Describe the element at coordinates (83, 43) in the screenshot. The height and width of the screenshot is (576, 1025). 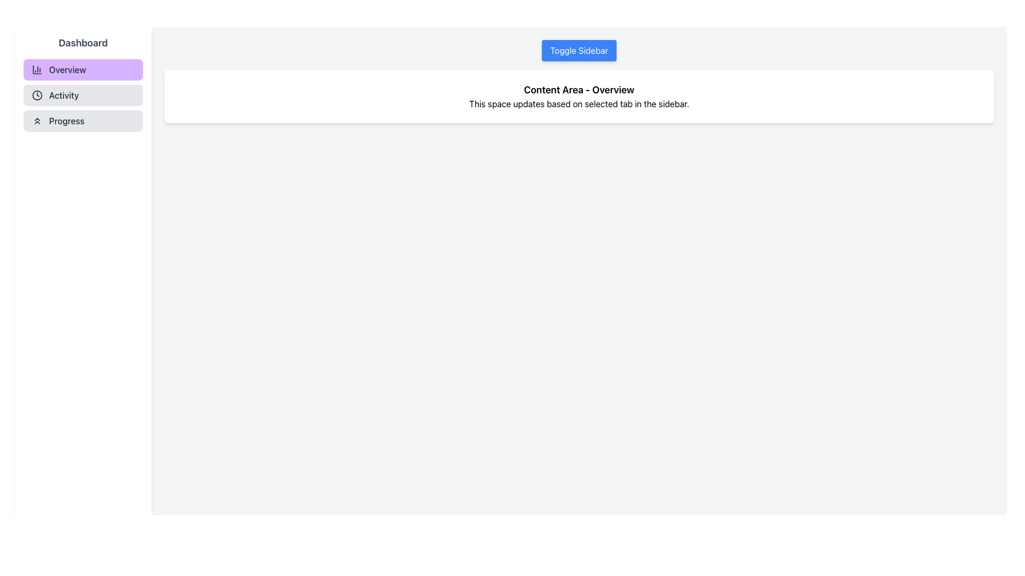
I see `the text label that serves as the heading of the sidebar` at that location.